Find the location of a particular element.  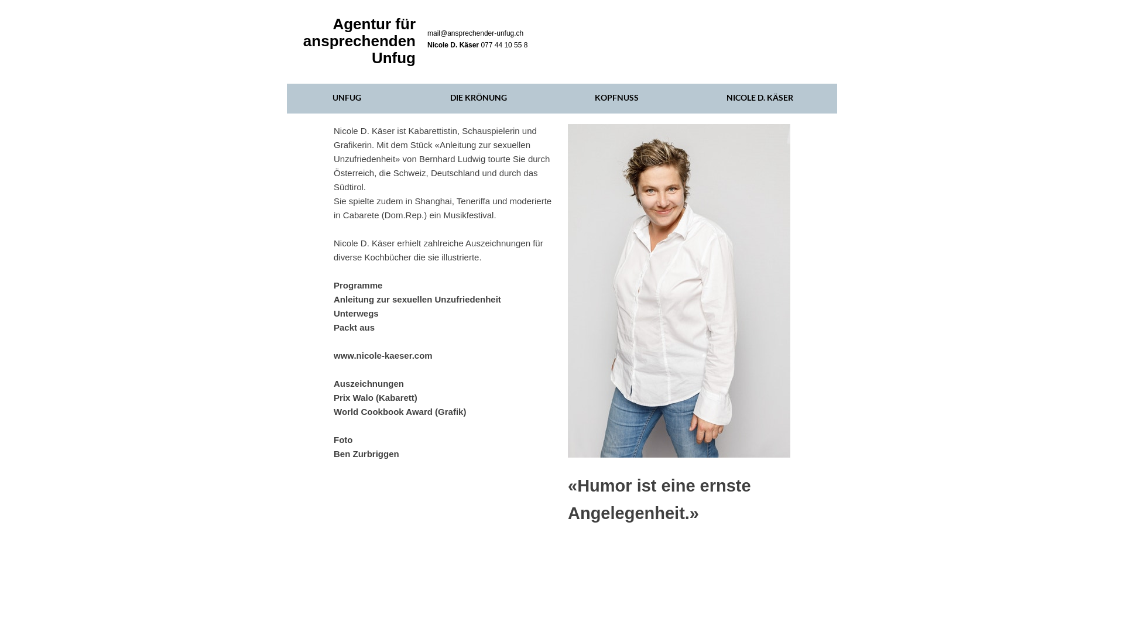

'mail@ansprechender-unfug.ch' is located at coordinates (475, 33).